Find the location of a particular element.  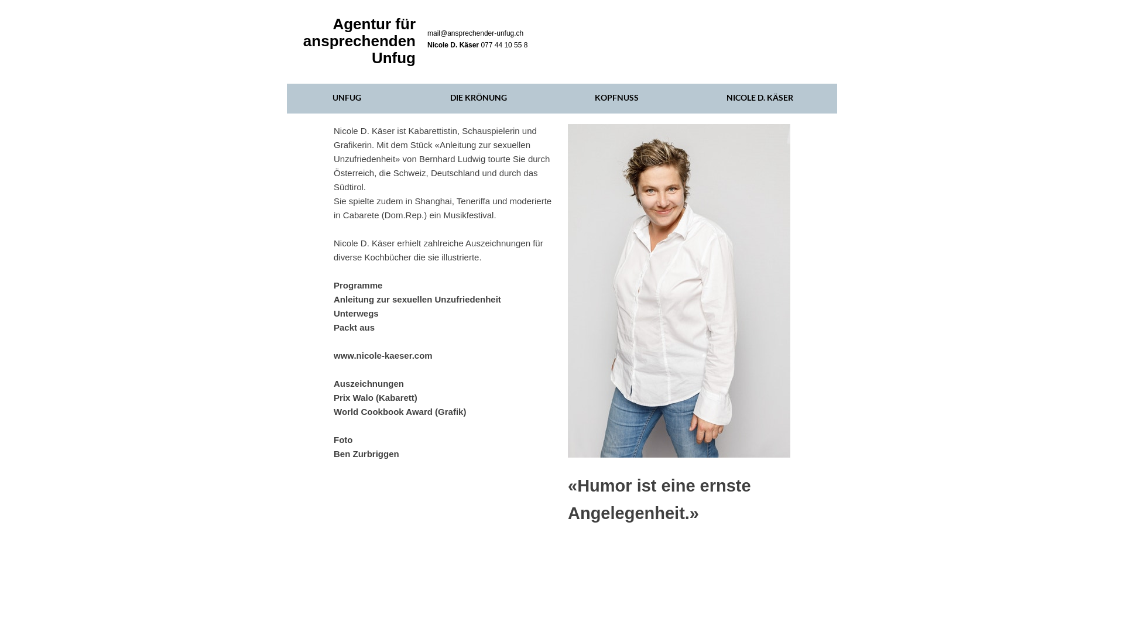

'mail@ansprechender-unfug.ch' is located at coordinates (475, 33).